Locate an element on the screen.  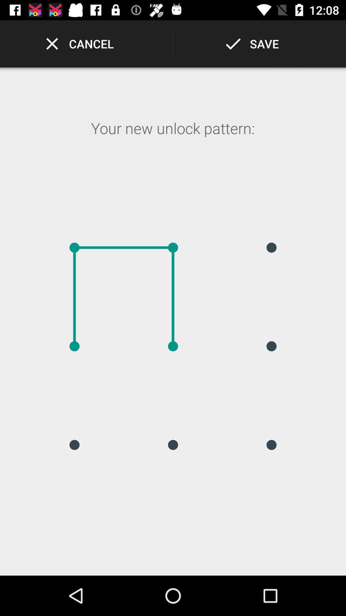
the your new unlock item is located at coordinates (172, 136).